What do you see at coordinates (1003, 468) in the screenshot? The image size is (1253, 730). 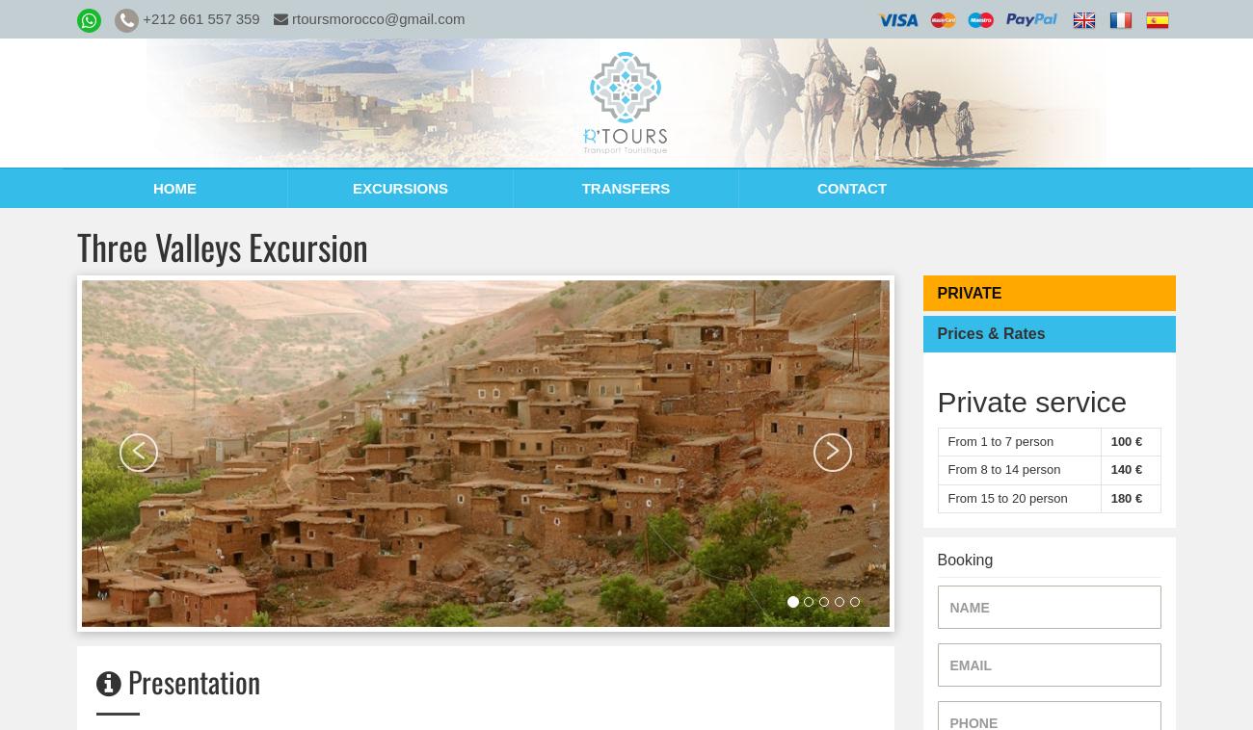 I see `'From 8 to 14 person'` at bounding box center [1003, 468].